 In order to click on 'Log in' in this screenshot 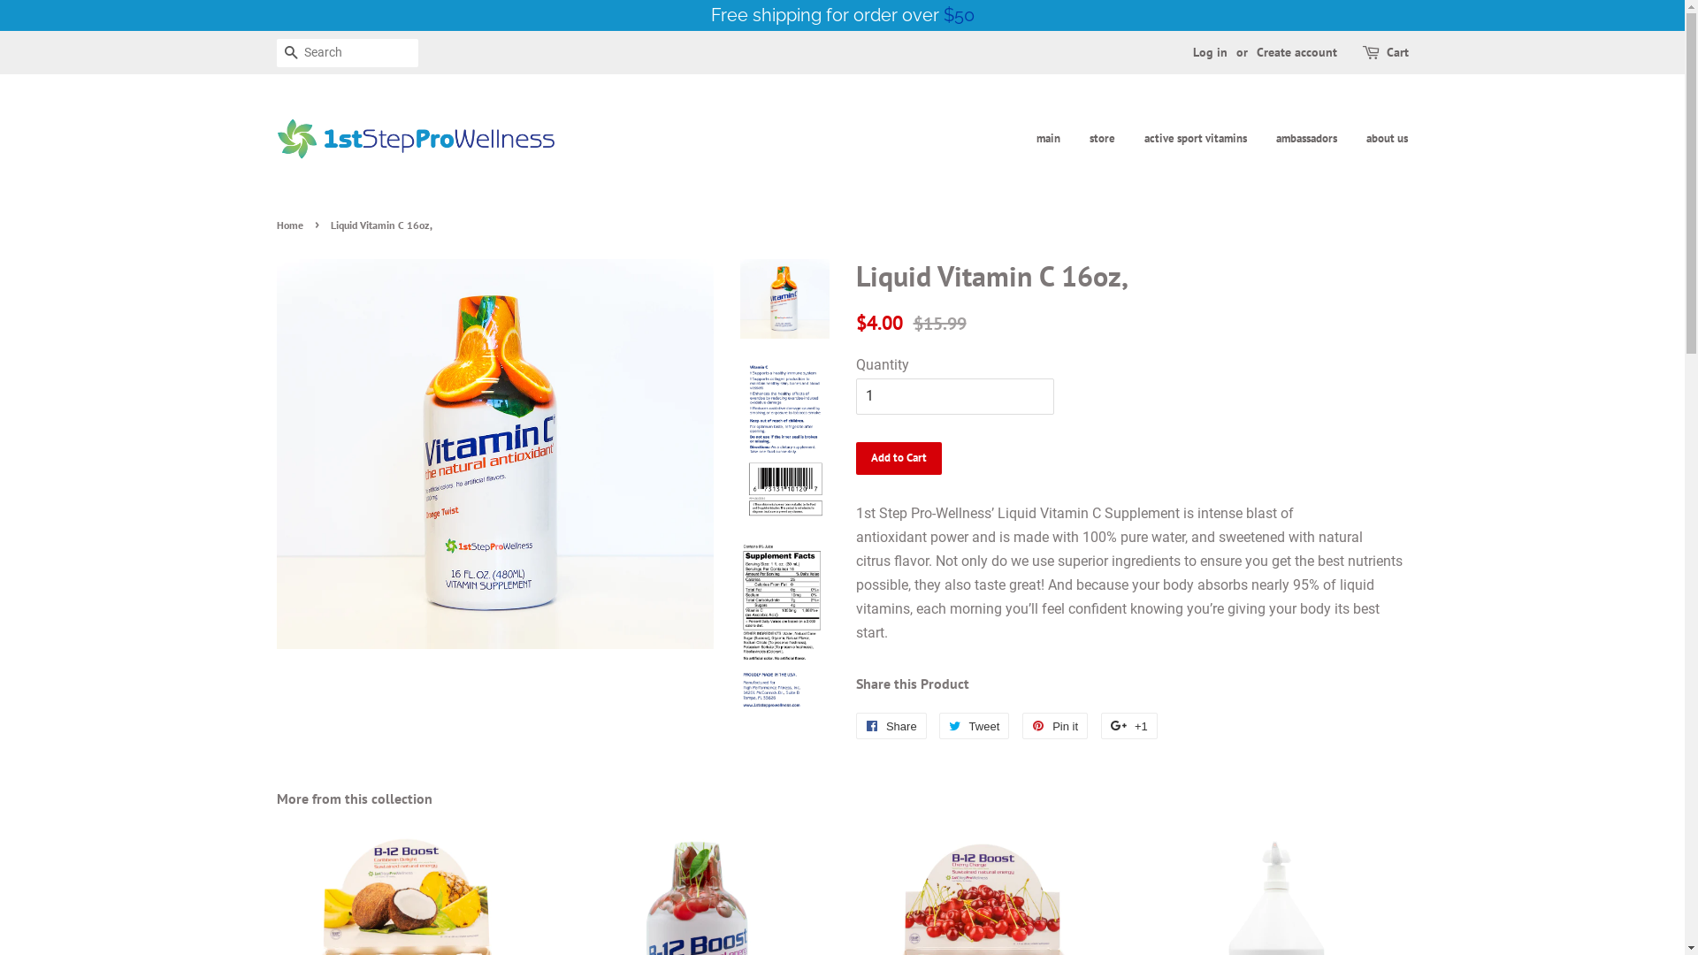, I will do `click(1208, 50)`.